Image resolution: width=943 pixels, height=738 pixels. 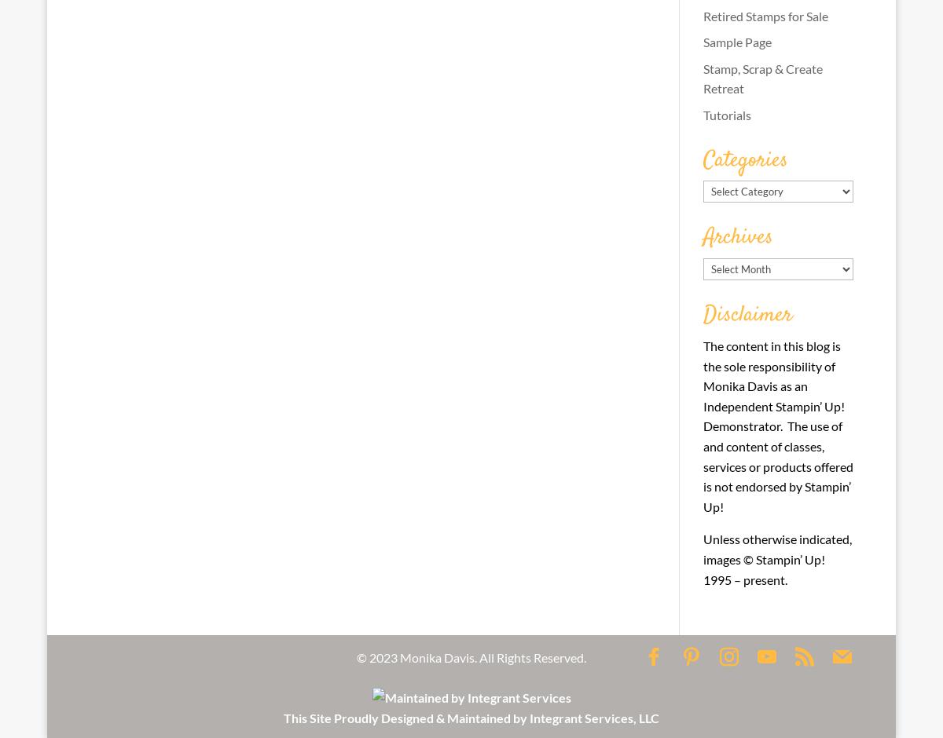 I want to click on 'This Site Proudly Designed & Maintained by Integrant Services, LLC', so click(x=472, y=716).